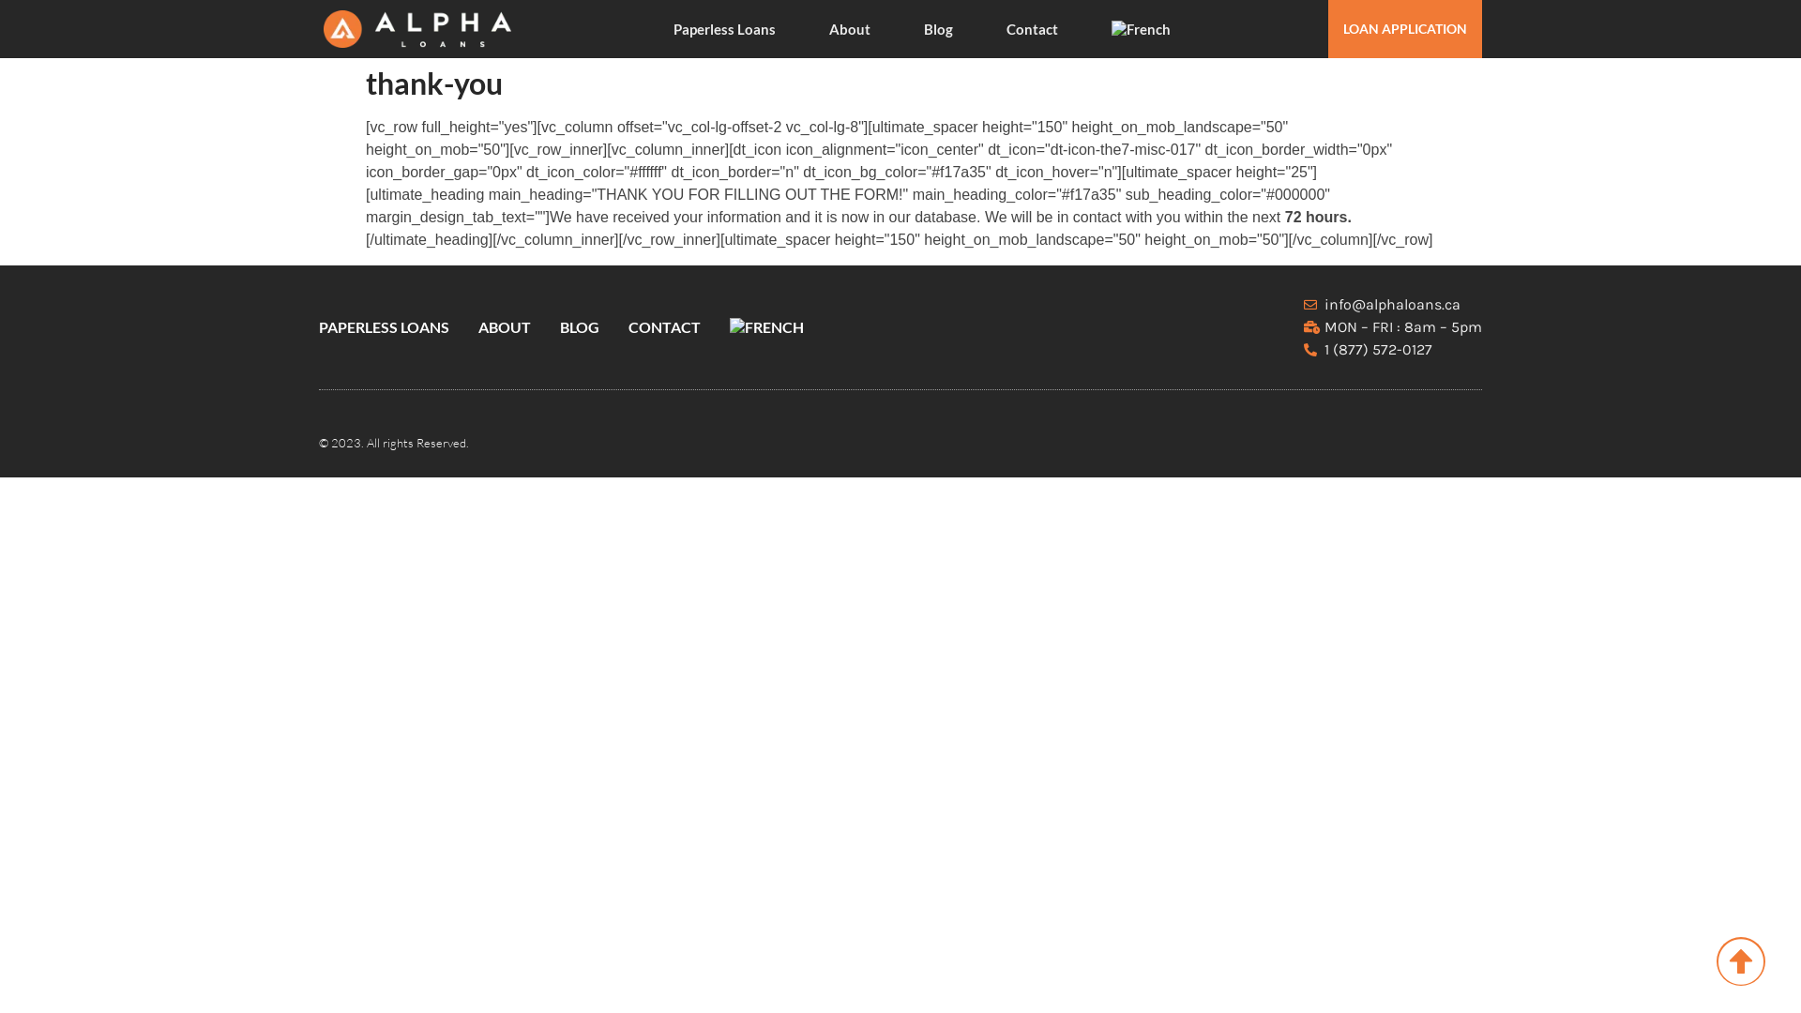  What do you see at coordinates (938, 28) in the screenshot?
I see `'Blog'` at bounding box center [938, 28].